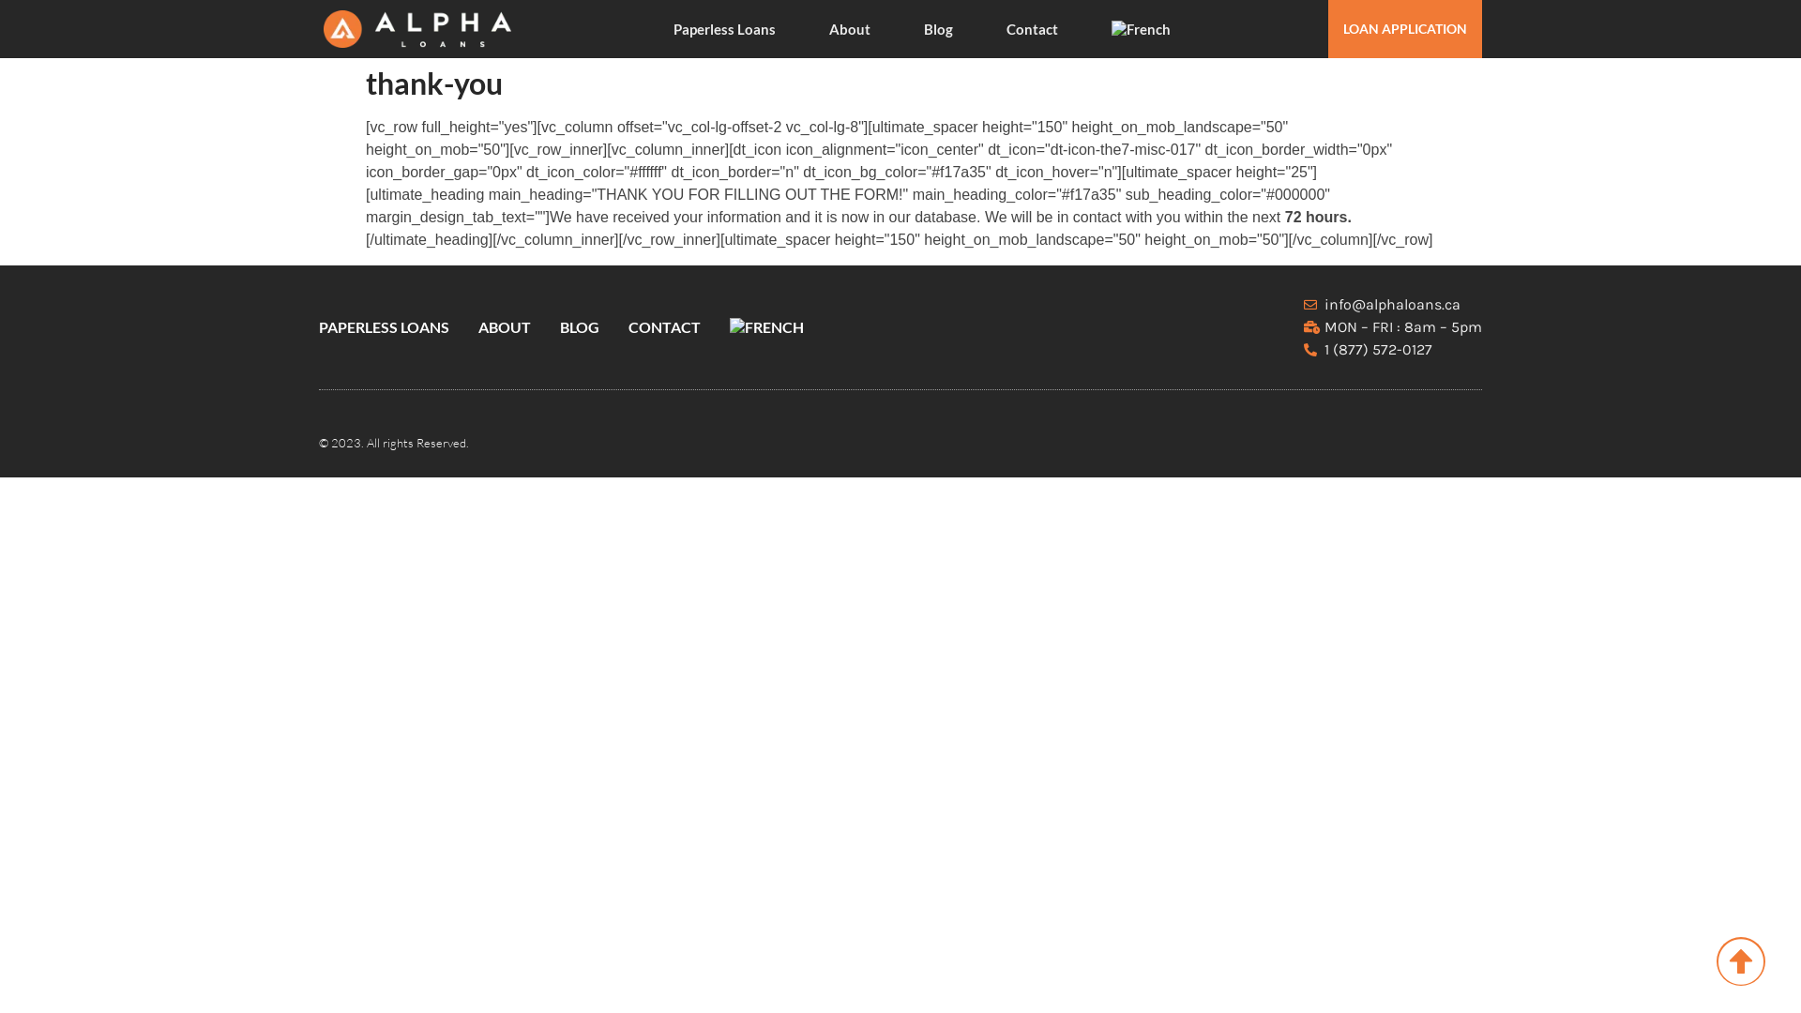  What do you see at coordinates (938, 28) in the screenshot?
I see `'Blog'` at bounding box center [938, 28].